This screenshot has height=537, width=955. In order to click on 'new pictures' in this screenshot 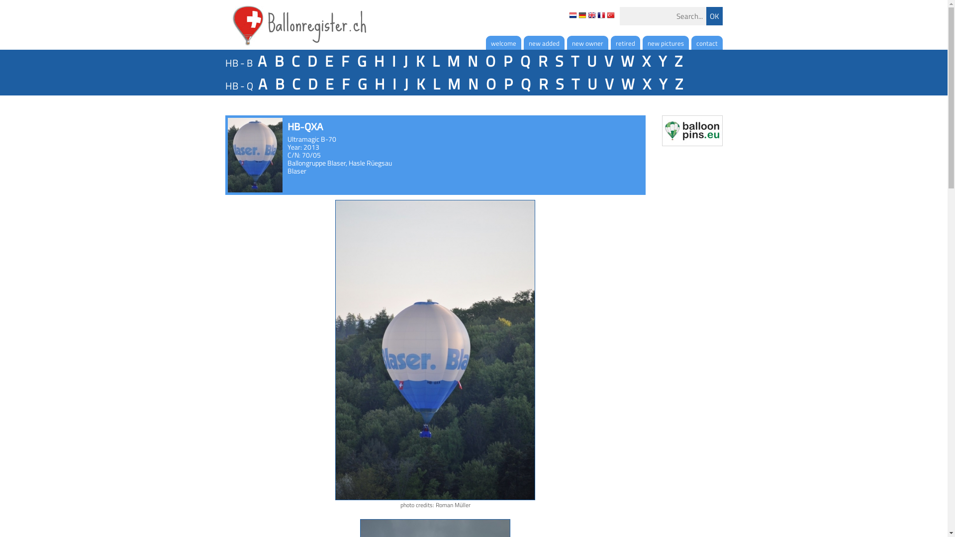, I will do `click(666, 42)`.